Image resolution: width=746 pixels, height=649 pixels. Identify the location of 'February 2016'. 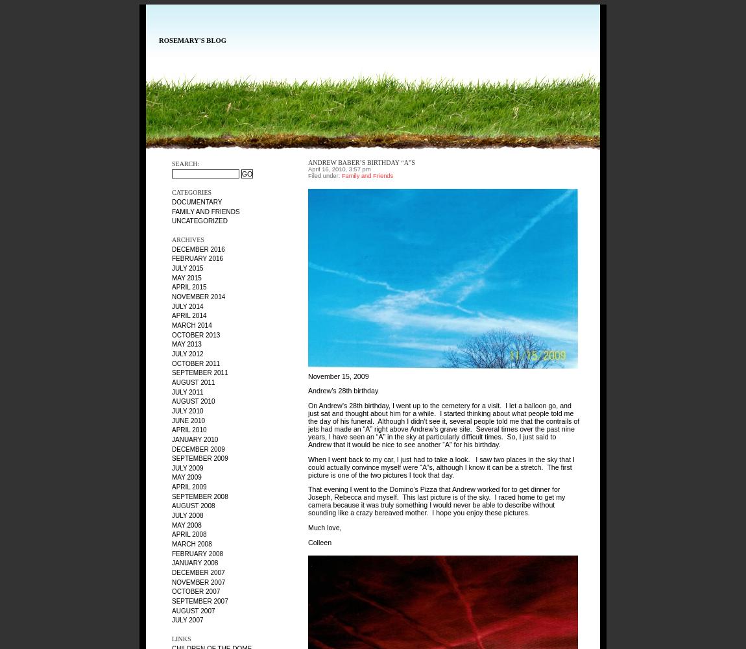
(197, 258).